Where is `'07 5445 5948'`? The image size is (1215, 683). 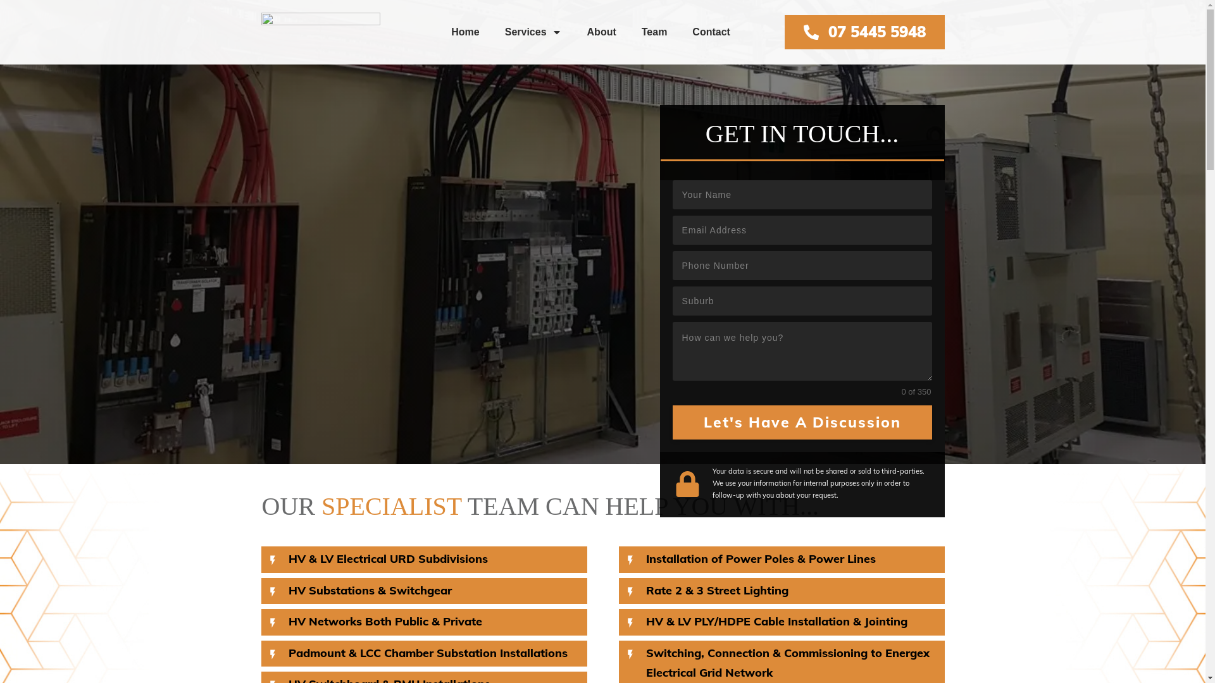
'07 5445 5948' is located at coordinates (864, 31).